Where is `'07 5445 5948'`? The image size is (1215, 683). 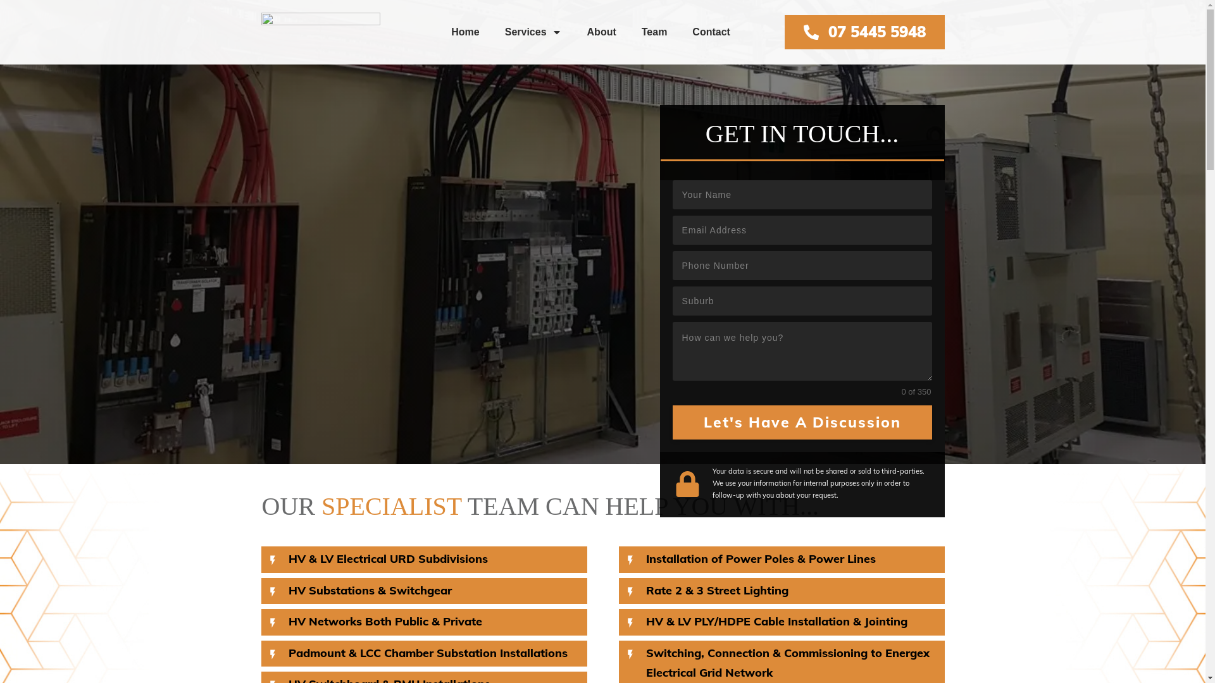
'07 5445 5948' is located at coordinates (864, 31).